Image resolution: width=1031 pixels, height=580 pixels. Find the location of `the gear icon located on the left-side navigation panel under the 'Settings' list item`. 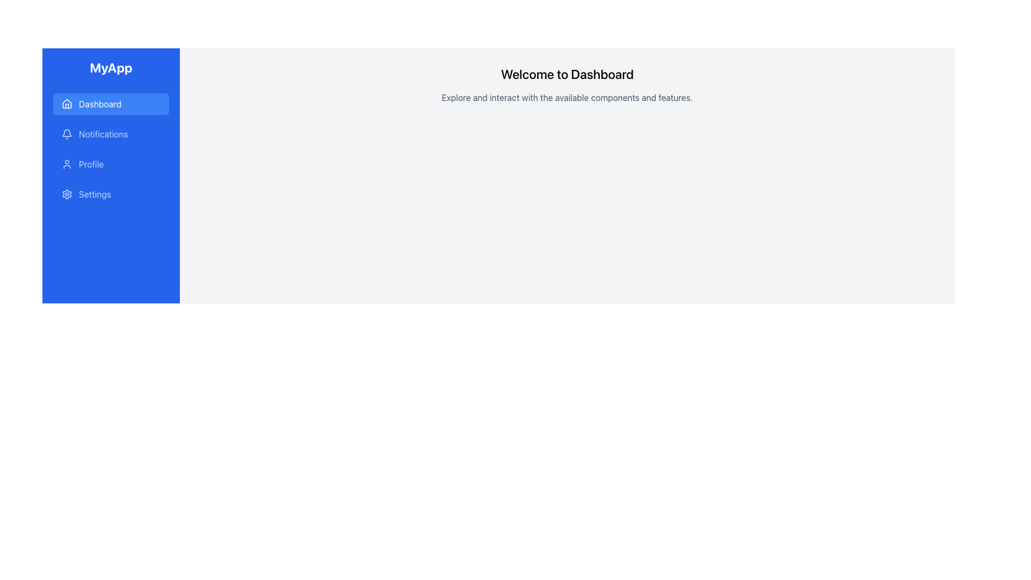

the gear icon located on the left-side navigation panel under the 'Settings' list item is located at coordinates (66, 194).